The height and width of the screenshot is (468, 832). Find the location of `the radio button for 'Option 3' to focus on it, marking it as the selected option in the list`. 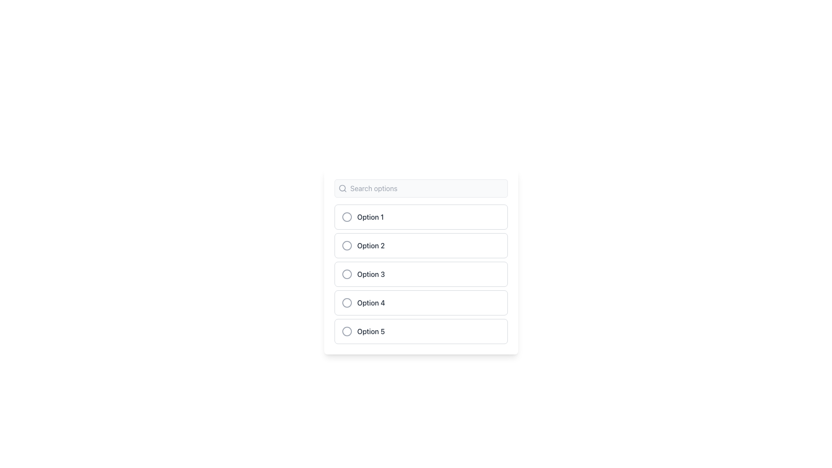

the radio button for 'Option 3' to focus on it, marking it as the selected option in the list is located at coordinates (347, 274).